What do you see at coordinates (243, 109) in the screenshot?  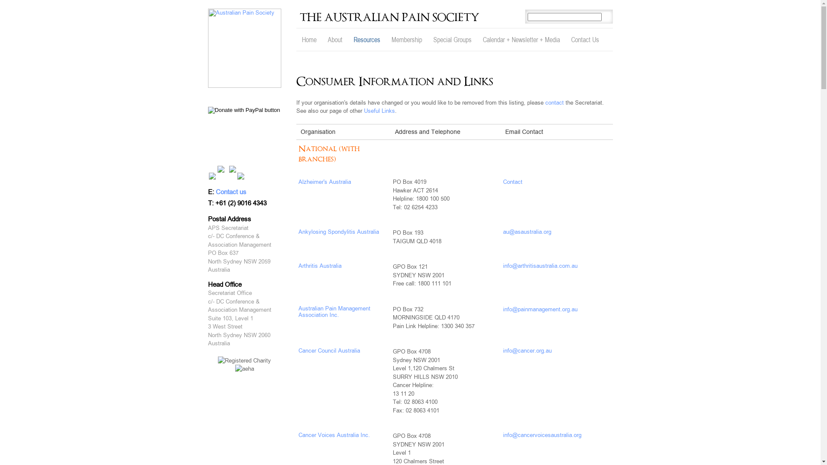 I see `'PayPal - The safer, easier way to pay online!'` at bounding box center [243, 109].